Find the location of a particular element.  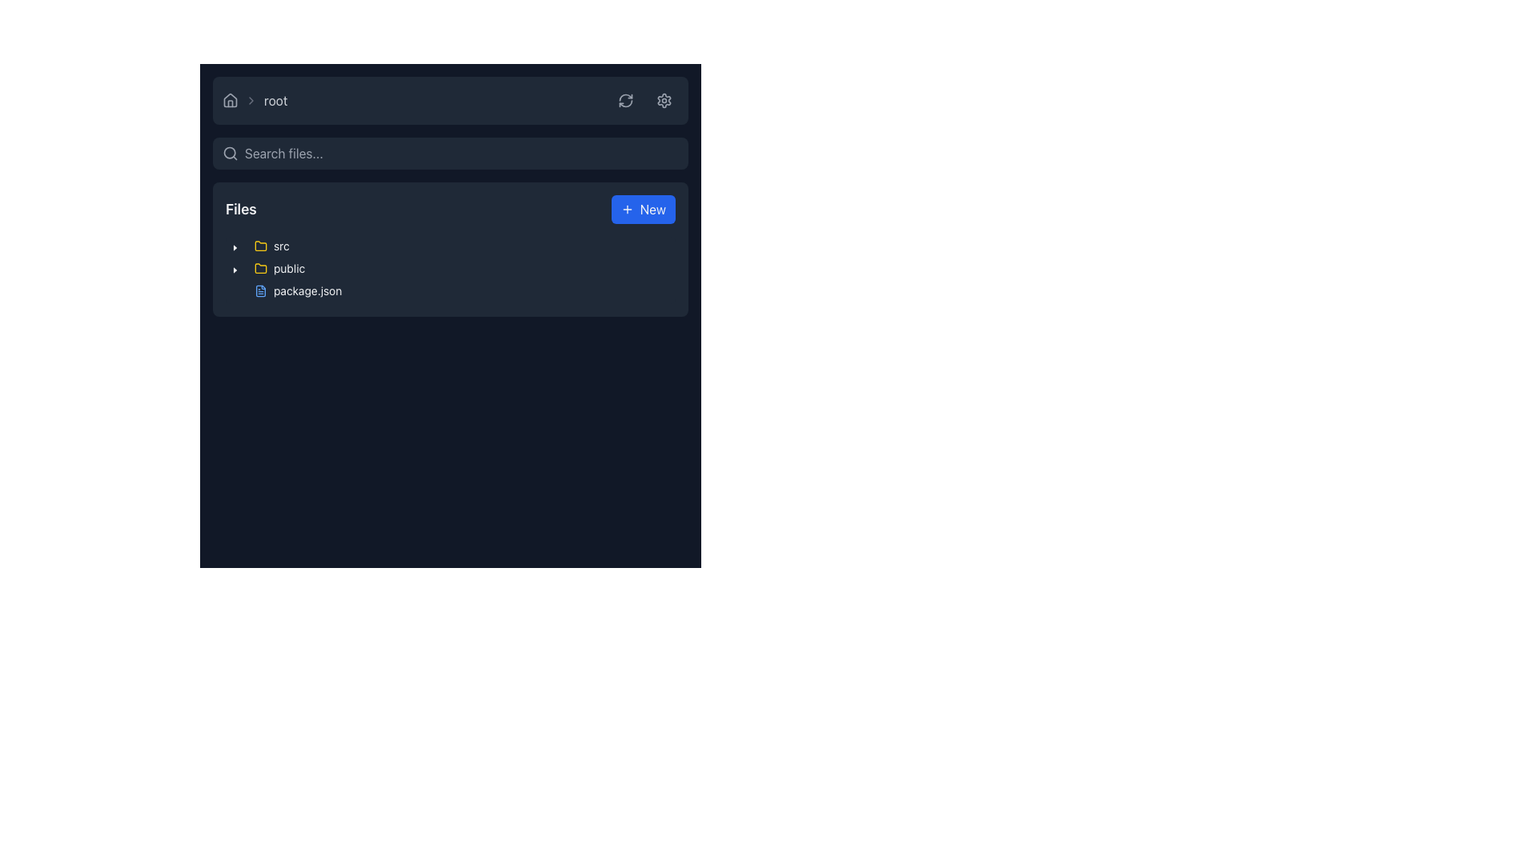

the text label displaying 'package.json' is located at coordinates (307, 290).